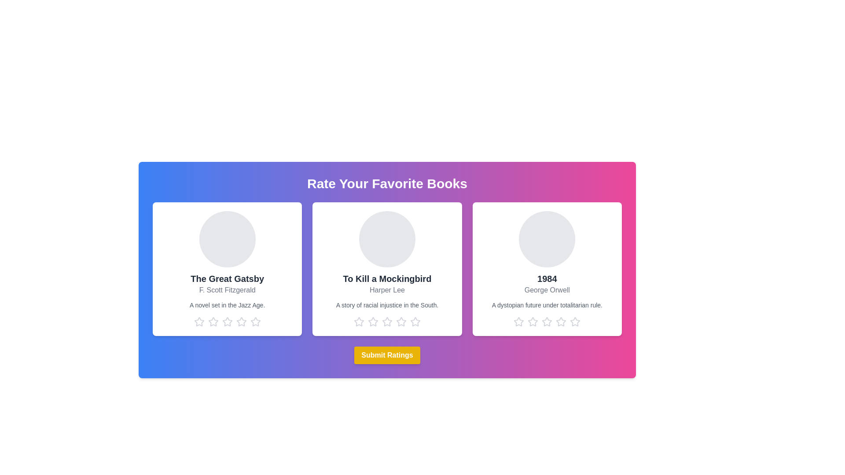  Describe the element at coordinates (401, 322) in the screenshot. I see `the star corresponding to 4 stars for the book titled To Kill a Mockingbird` at that location.